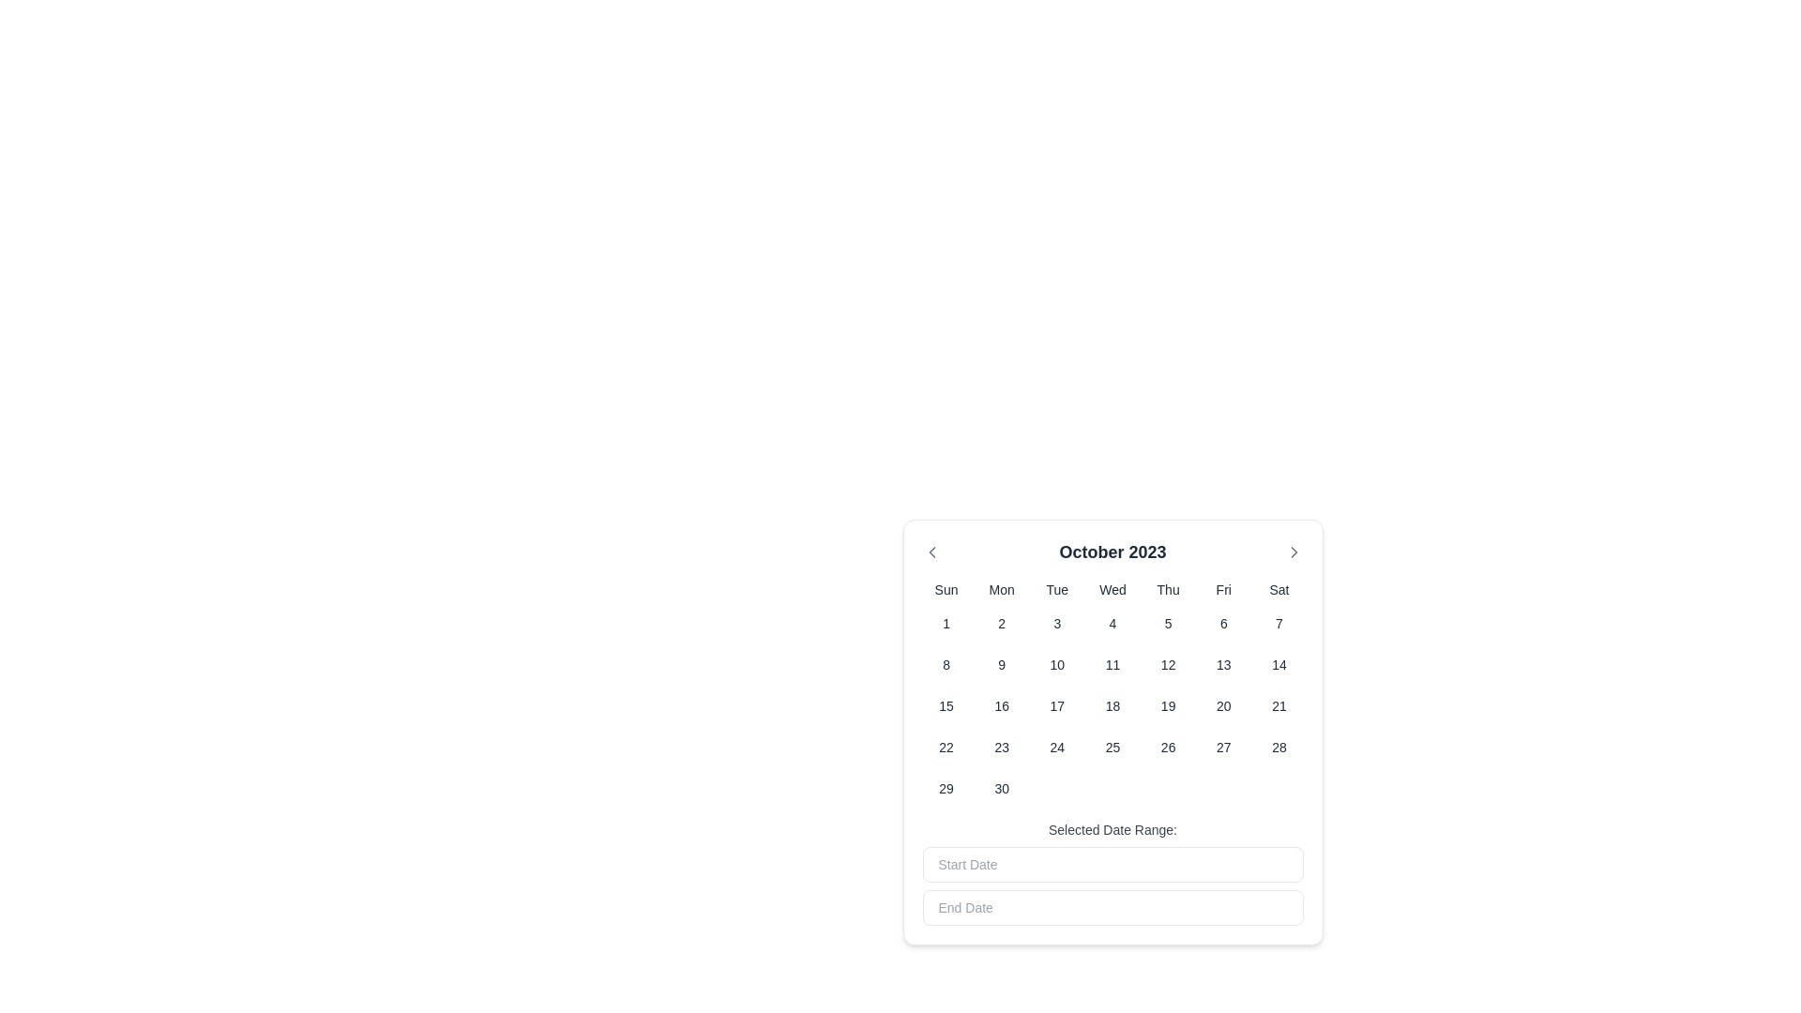 The image size is (1801, 1013). What do you see at coordinates (1057, 664) in the screenshot?
I see `the date selection button for October 10th, 2023, located under the 'Tue' column in the calendar grid layout` at bounding box center [1057, 664].